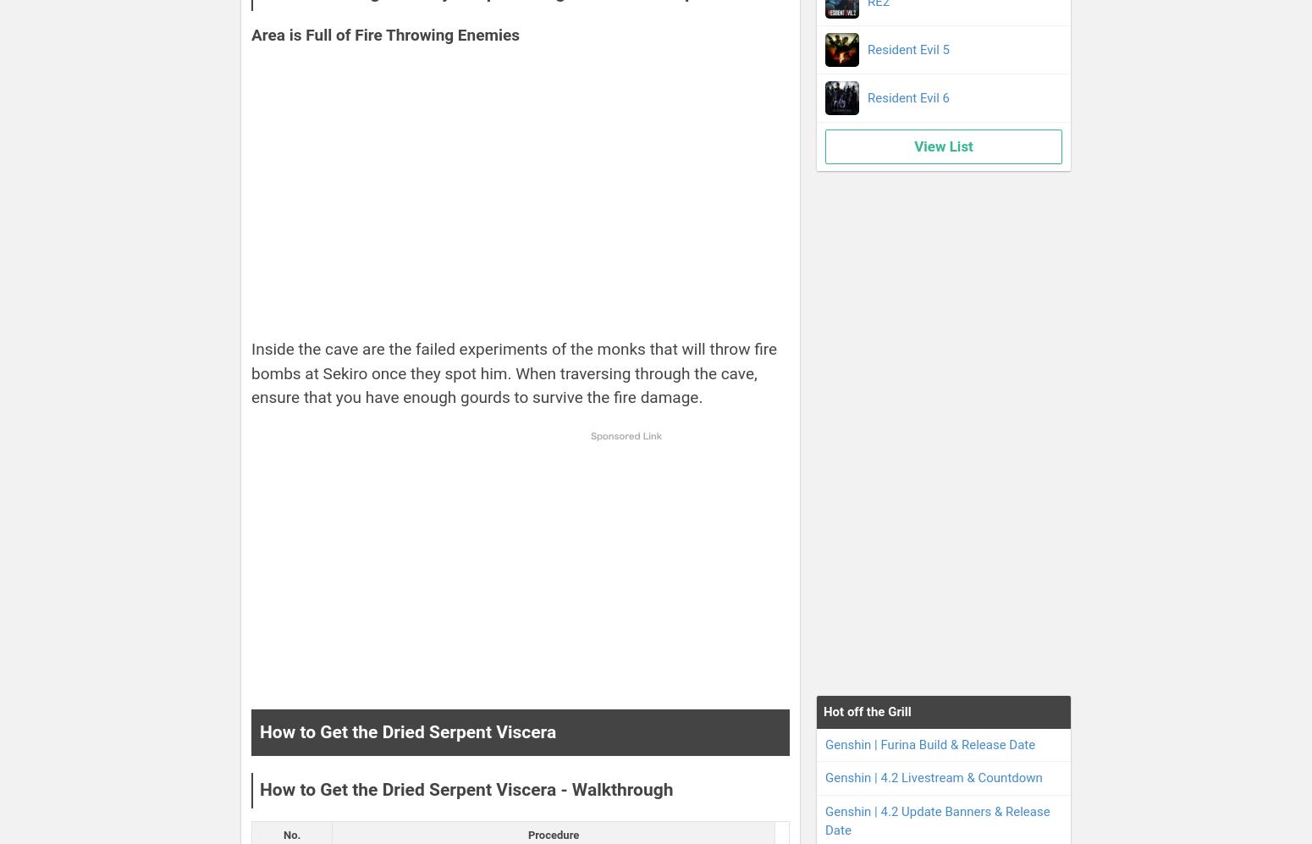  What do you see at coordinates (929, 742) in the screenshot?
I see `'Genshin | Furina Build & Release Date'` at bounding box center [929, 742].